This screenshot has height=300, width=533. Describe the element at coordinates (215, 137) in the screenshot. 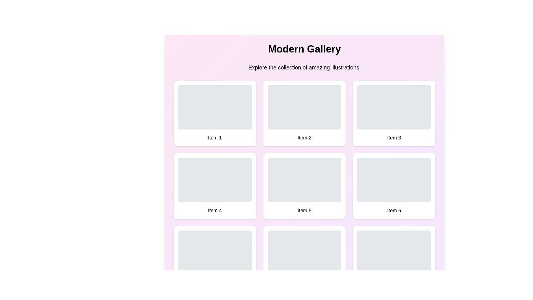

I see `the text label displaying 'Item 1' which is bold and centered, located below an image placeholder in the top-left card of a grid layout` at that location.